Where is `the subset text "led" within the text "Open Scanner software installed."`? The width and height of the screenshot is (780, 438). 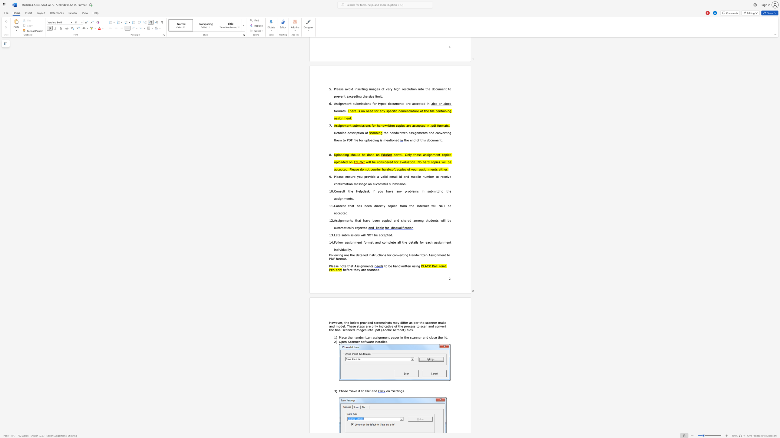 the subset text "led" within the text "Open Scanner software installed." is located at coordinates (383, 341).